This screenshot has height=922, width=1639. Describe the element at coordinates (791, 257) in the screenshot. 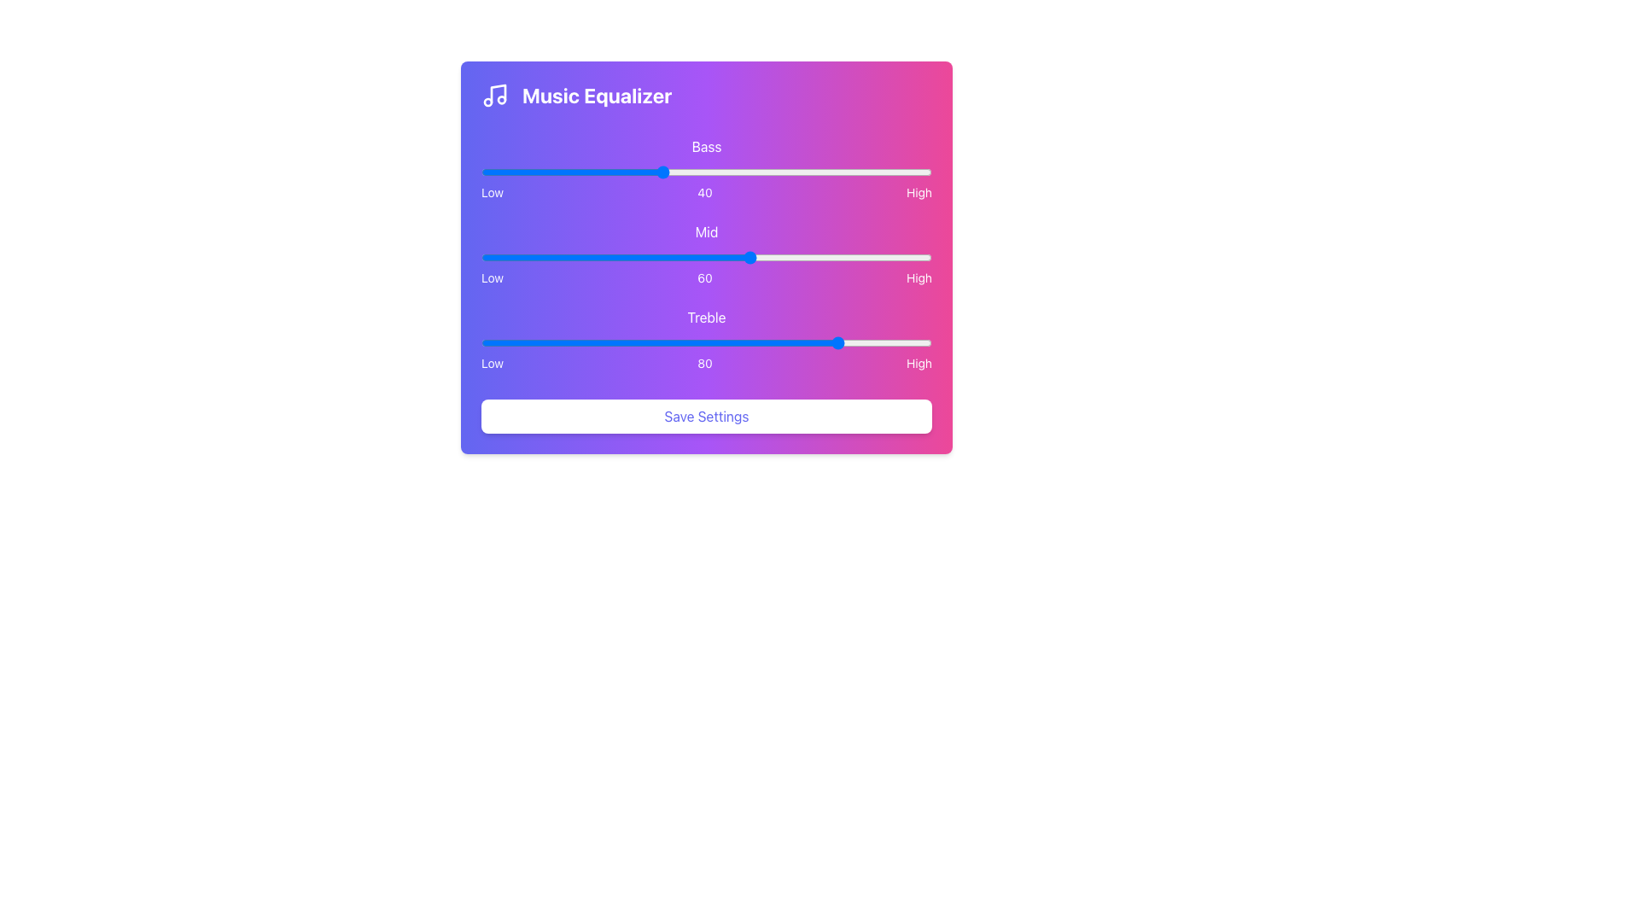

I see `the 'Mid' slider` at that location.